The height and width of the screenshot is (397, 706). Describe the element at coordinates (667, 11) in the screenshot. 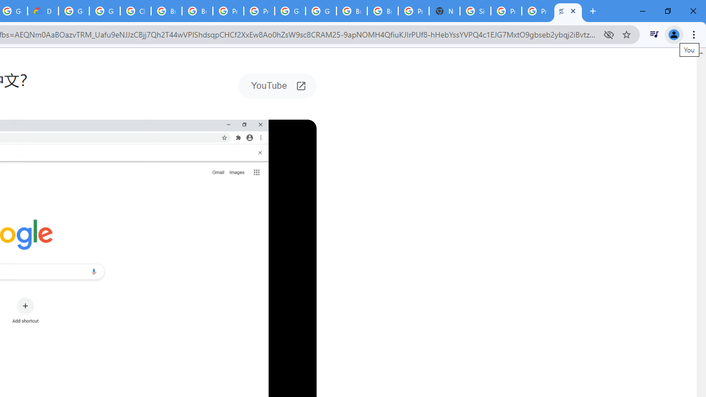

I see `'Restore'` at that location.